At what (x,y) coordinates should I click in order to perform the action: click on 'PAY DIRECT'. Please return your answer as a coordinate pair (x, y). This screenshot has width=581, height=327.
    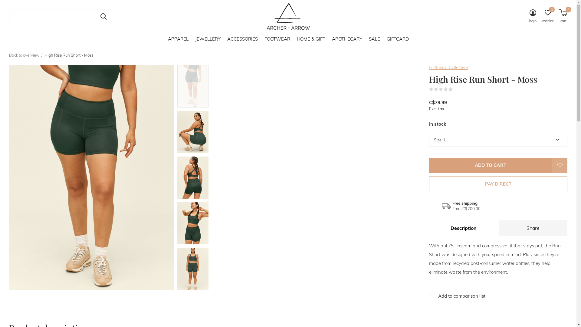
    Looking at the image, I should click on (498, 184).